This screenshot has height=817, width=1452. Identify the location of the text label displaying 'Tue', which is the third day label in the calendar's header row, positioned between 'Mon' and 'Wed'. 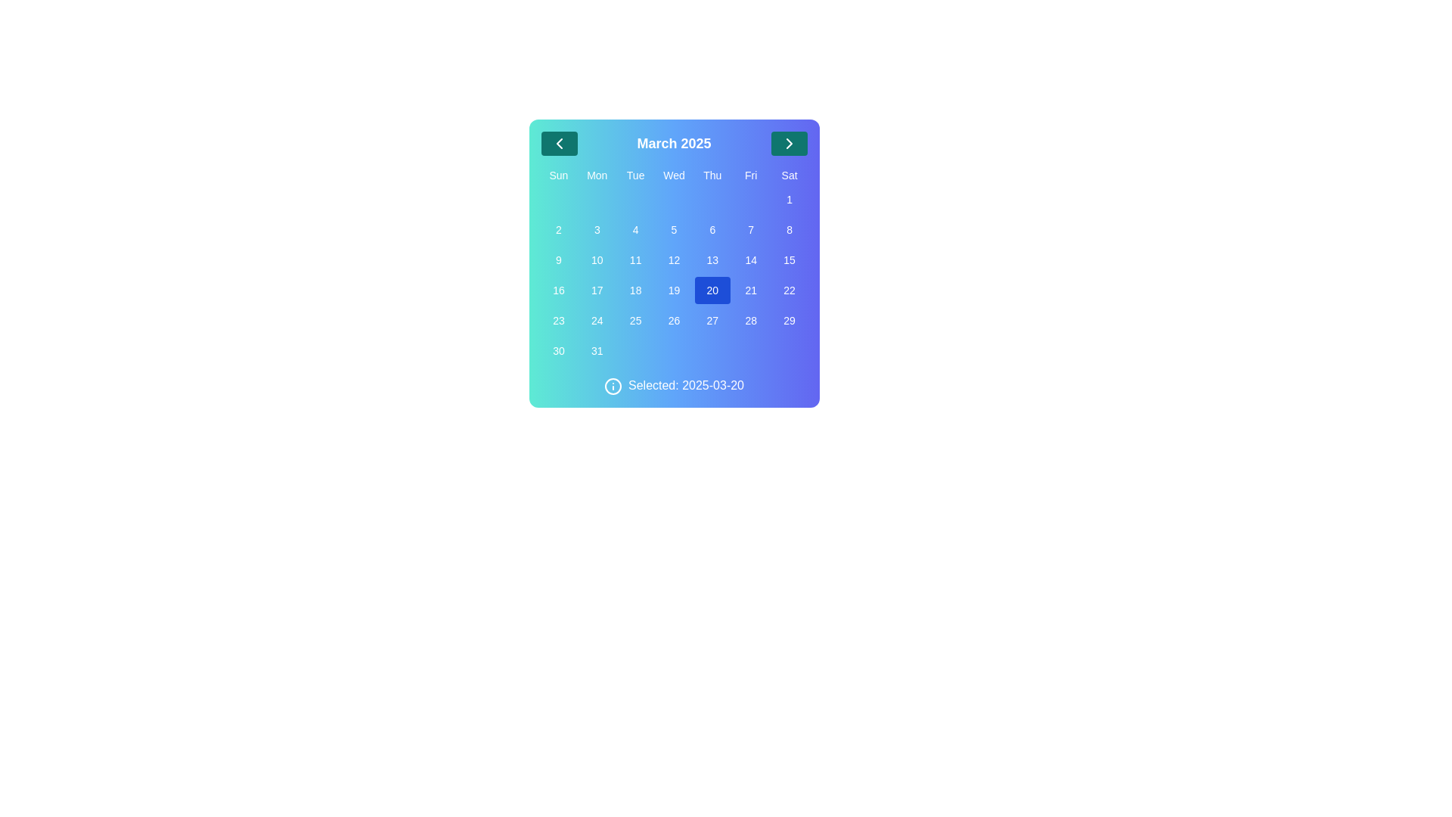
(635, 174).